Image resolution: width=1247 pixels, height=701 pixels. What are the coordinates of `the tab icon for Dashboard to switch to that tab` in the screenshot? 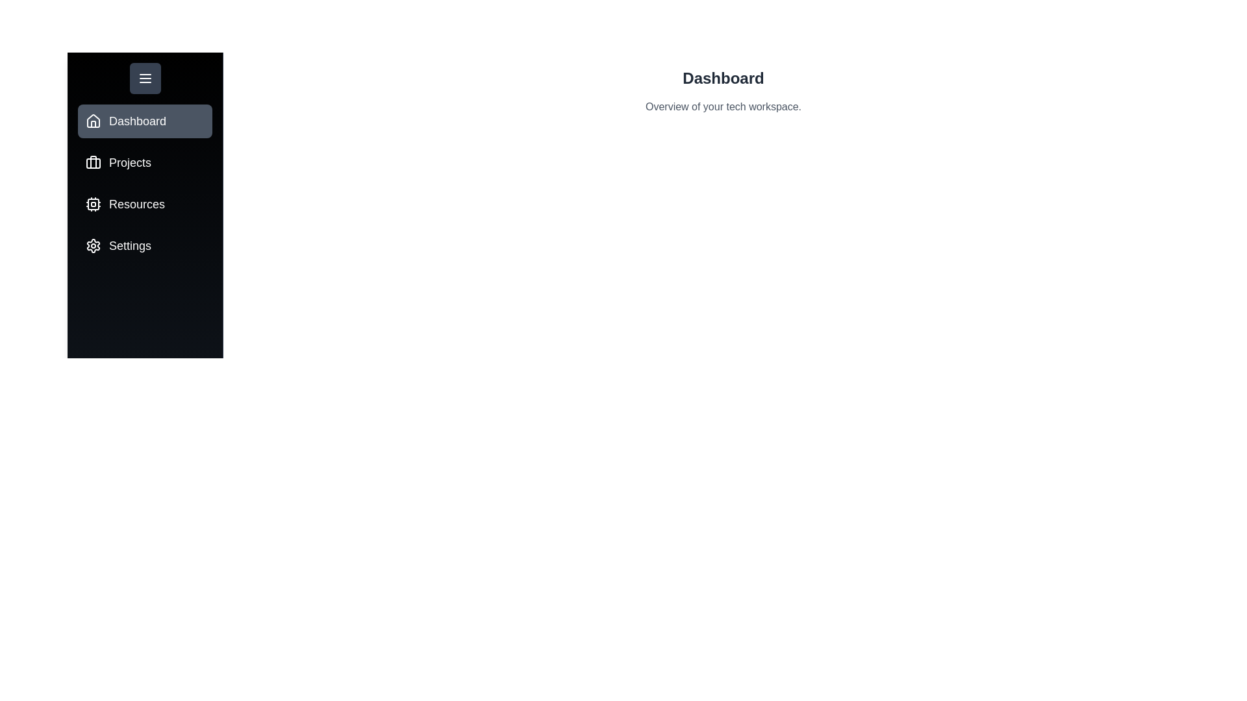 It's located at (93, 121).